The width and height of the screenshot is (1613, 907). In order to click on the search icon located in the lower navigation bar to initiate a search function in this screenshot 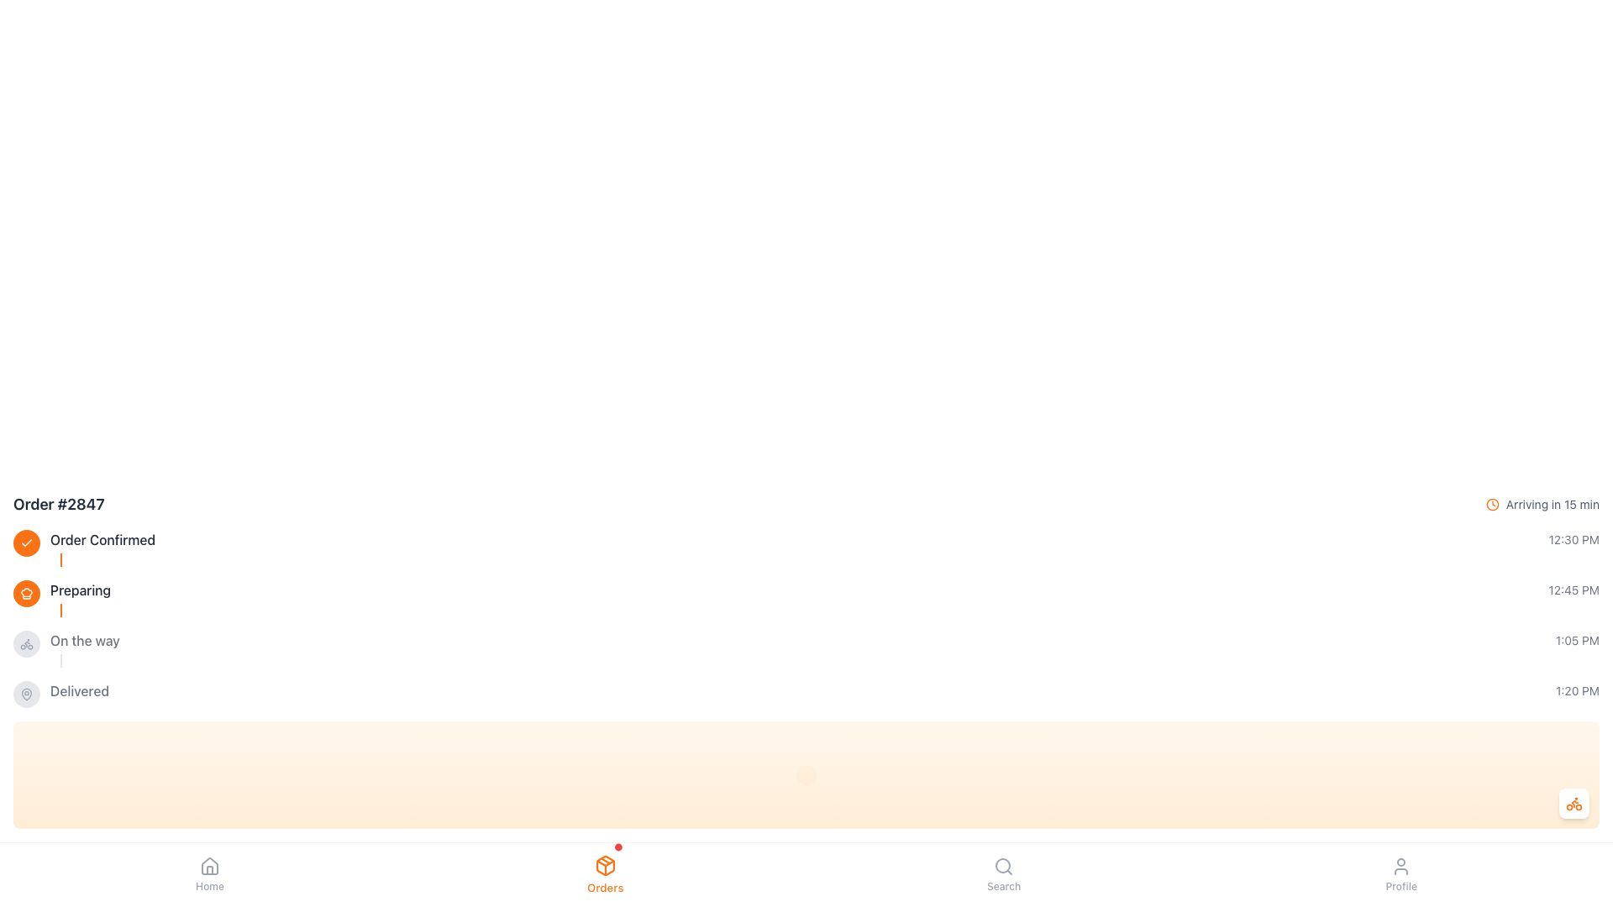, I will do `click(1004, 867)`.